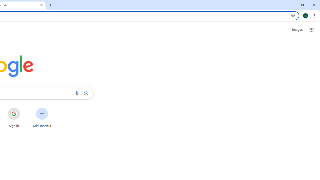 The height and width of the screenshot is (180, 320). Describe the element at coordinates (297, 30) in the screenshot. I see `'Search for Images '` at that location.